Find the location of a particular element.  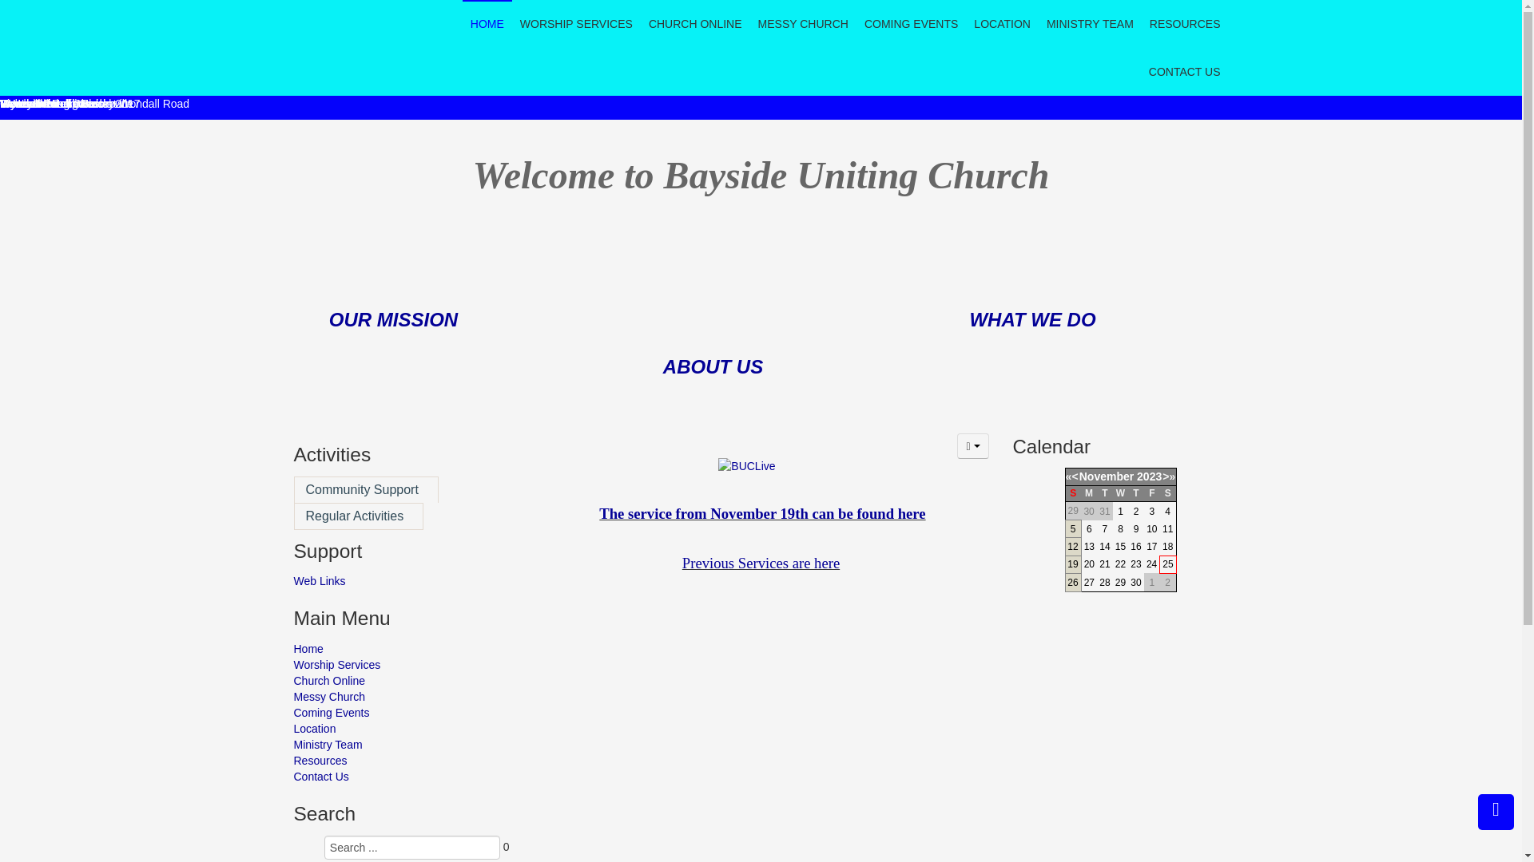

'Previous Services are here' is located at coordinates (760, 562).